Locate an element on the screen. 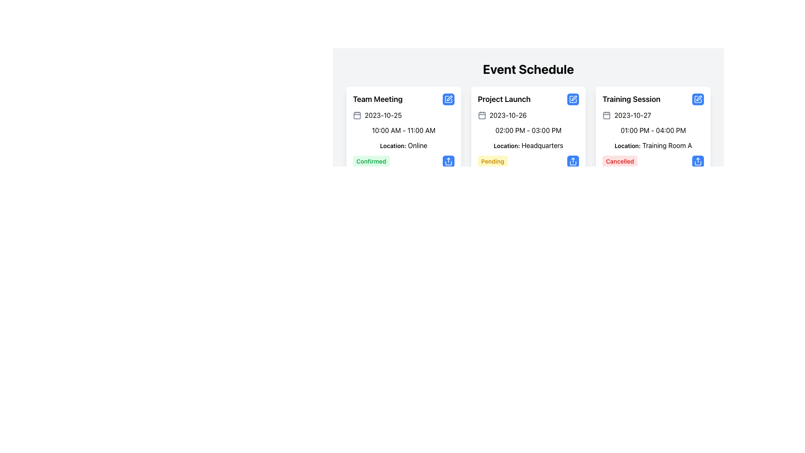  the Text Label indicating 'Training Room A' located in the 'Training Session' card within the 'Event Schedule' section is located at coordinates (627, 145).